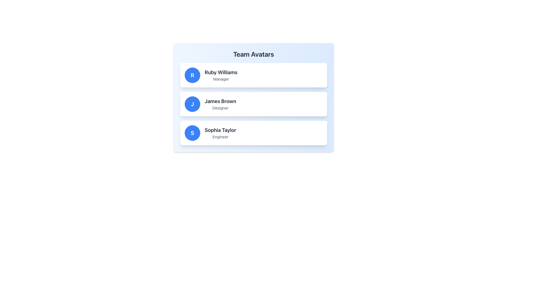  Describe the element at coordinates (221, 79) in the screenshot. I see `the text label displaying 'Manager', which is a small gray font positioned directly below 'Ruby Williams' in the profile layout` at that location.